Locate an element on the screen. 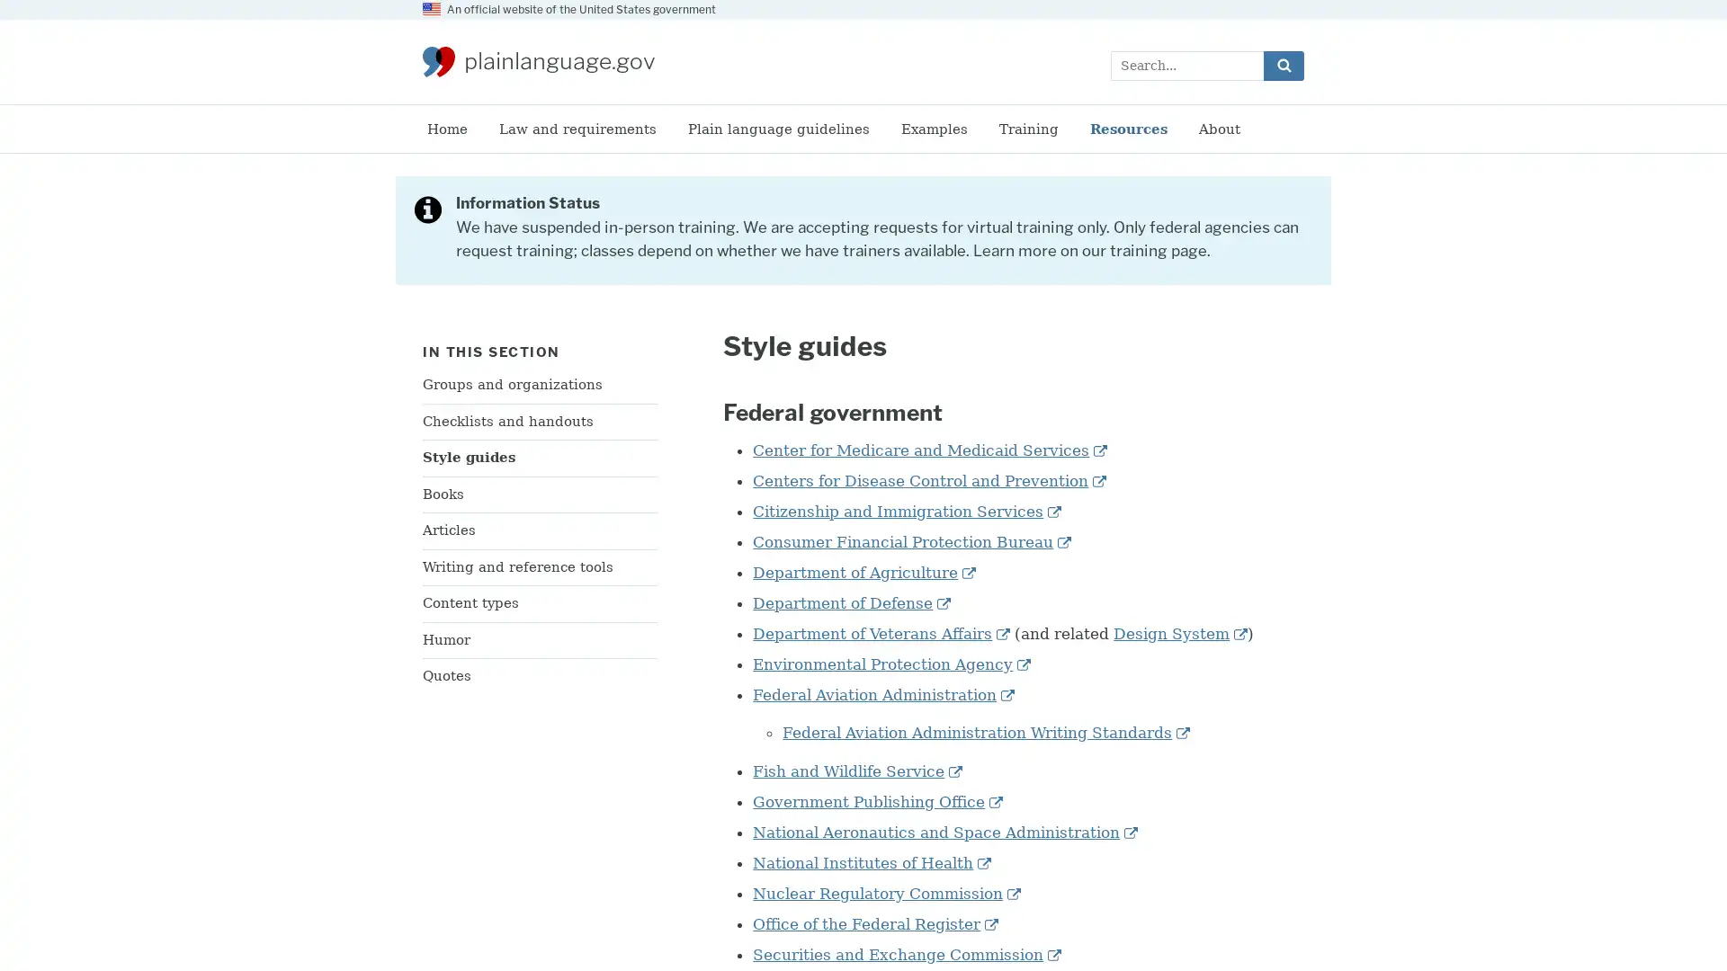 This screenshot has height=971, width=1727. Search is located at coordinates (1283, 64).